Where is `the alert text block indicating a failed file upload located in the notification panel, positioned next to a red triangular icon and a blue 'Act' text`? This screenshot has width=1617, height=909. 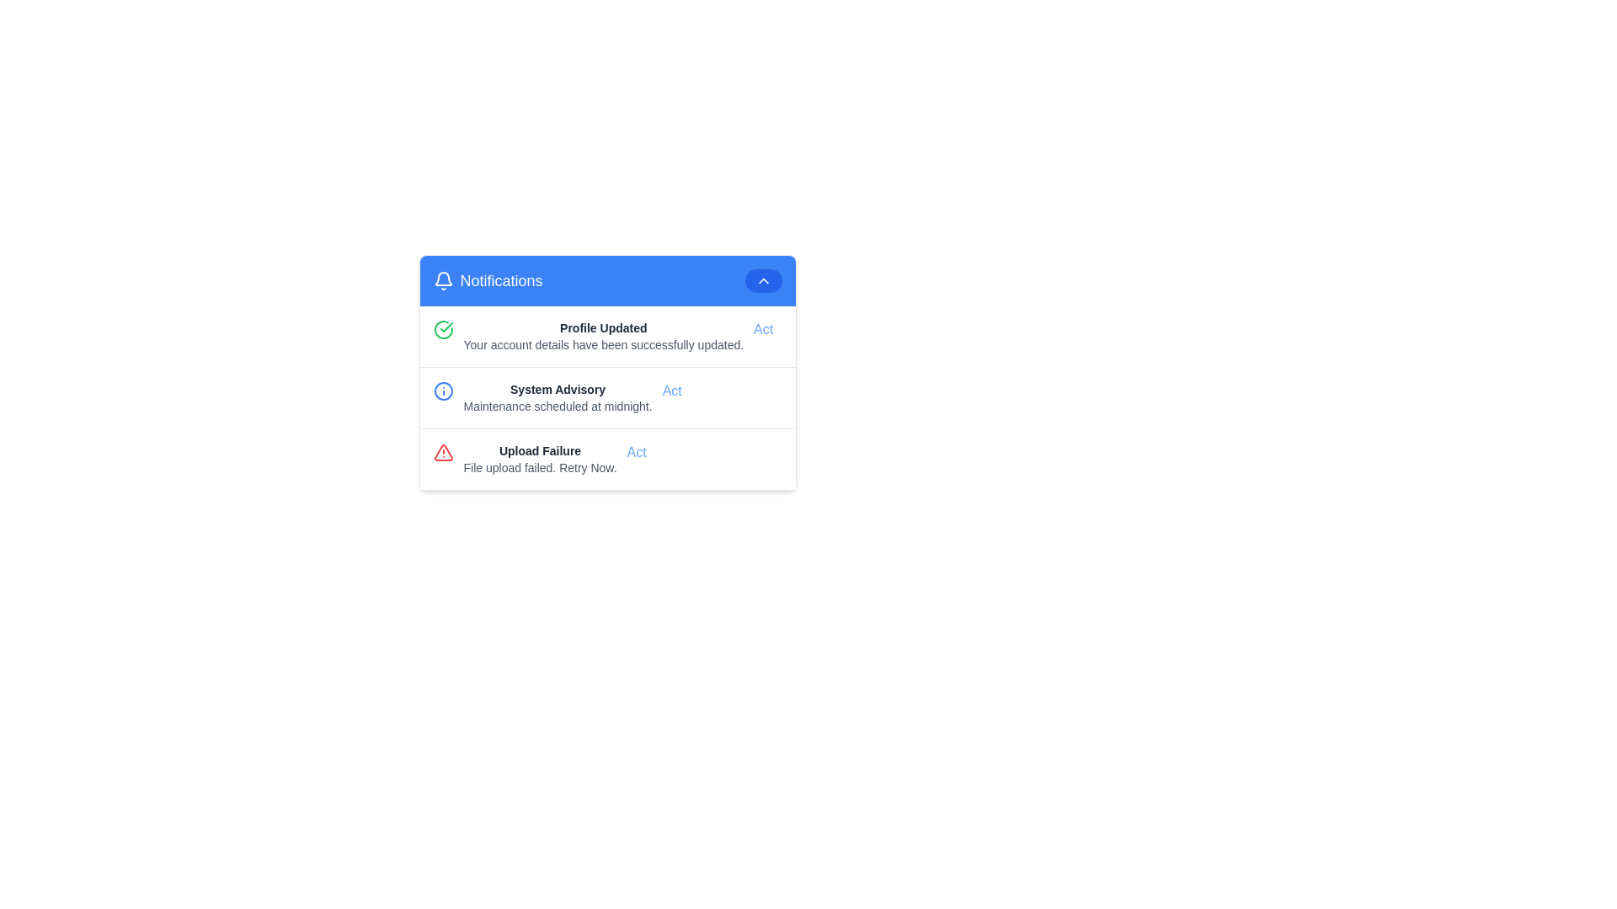 the alert text block indicating a failed file upload located in the notification panel, positioned next to a red triangular icon and a blue 'Act' text is located at coordinates (540, 460).